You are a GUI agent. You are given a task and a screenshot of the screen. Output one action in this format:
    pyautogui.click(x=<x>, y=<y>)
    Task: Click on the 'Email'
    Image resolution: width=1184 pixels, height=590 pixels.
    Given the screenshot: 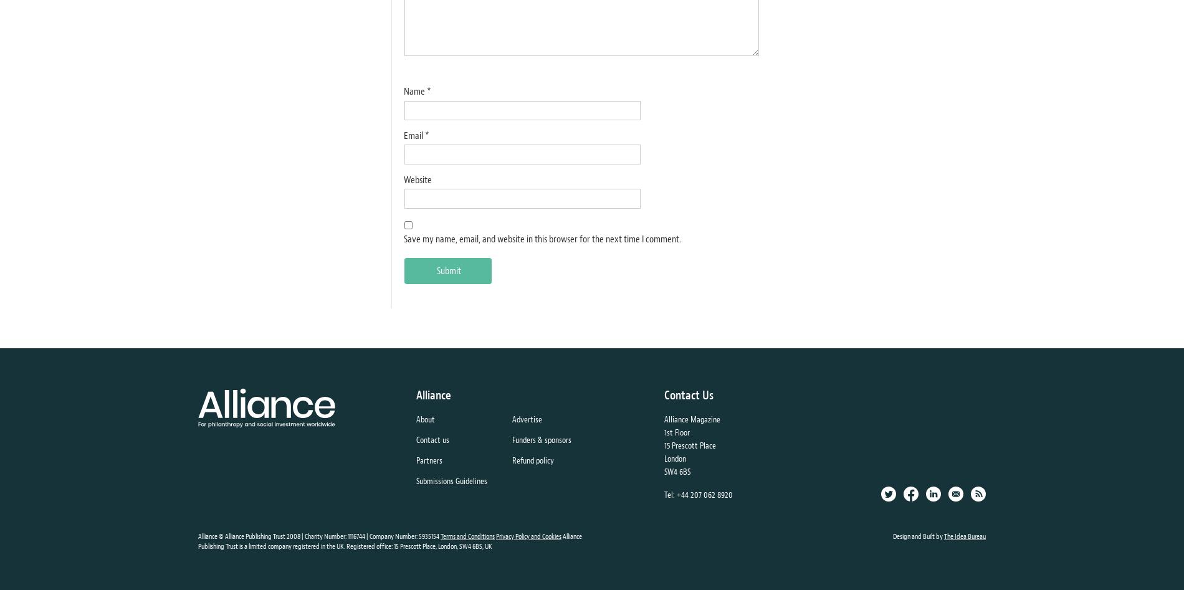 What is the action you would take?
    pyautogui.click(x=414, y=135)
    